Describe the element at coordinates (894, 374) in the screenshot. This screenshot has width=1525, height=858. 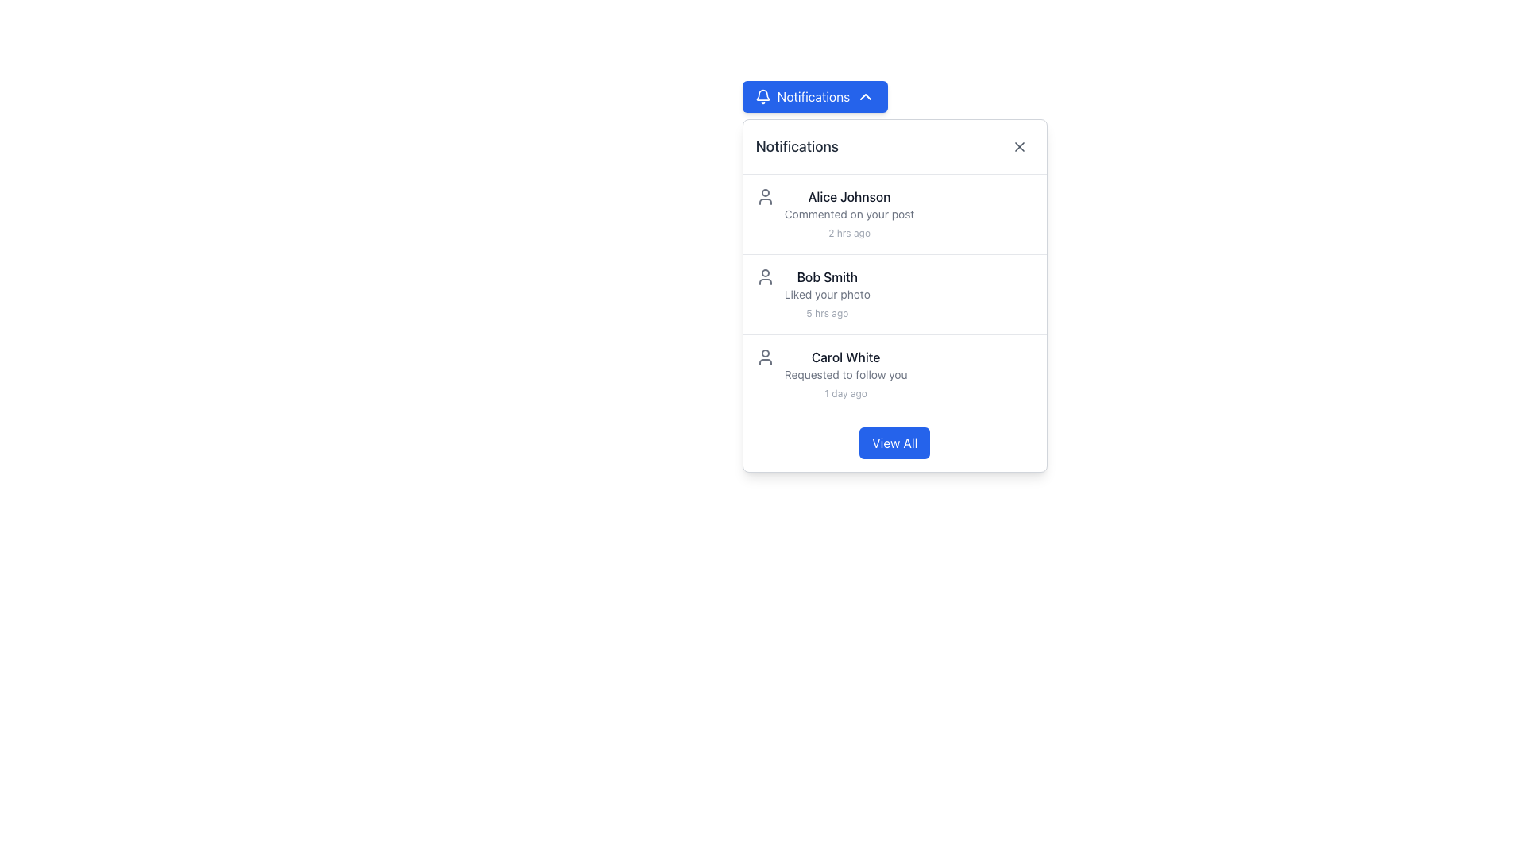
I see `to select the notification item for 'Carol White' that contains the message 'Requested to follow you' in the notifications panel` at that location.